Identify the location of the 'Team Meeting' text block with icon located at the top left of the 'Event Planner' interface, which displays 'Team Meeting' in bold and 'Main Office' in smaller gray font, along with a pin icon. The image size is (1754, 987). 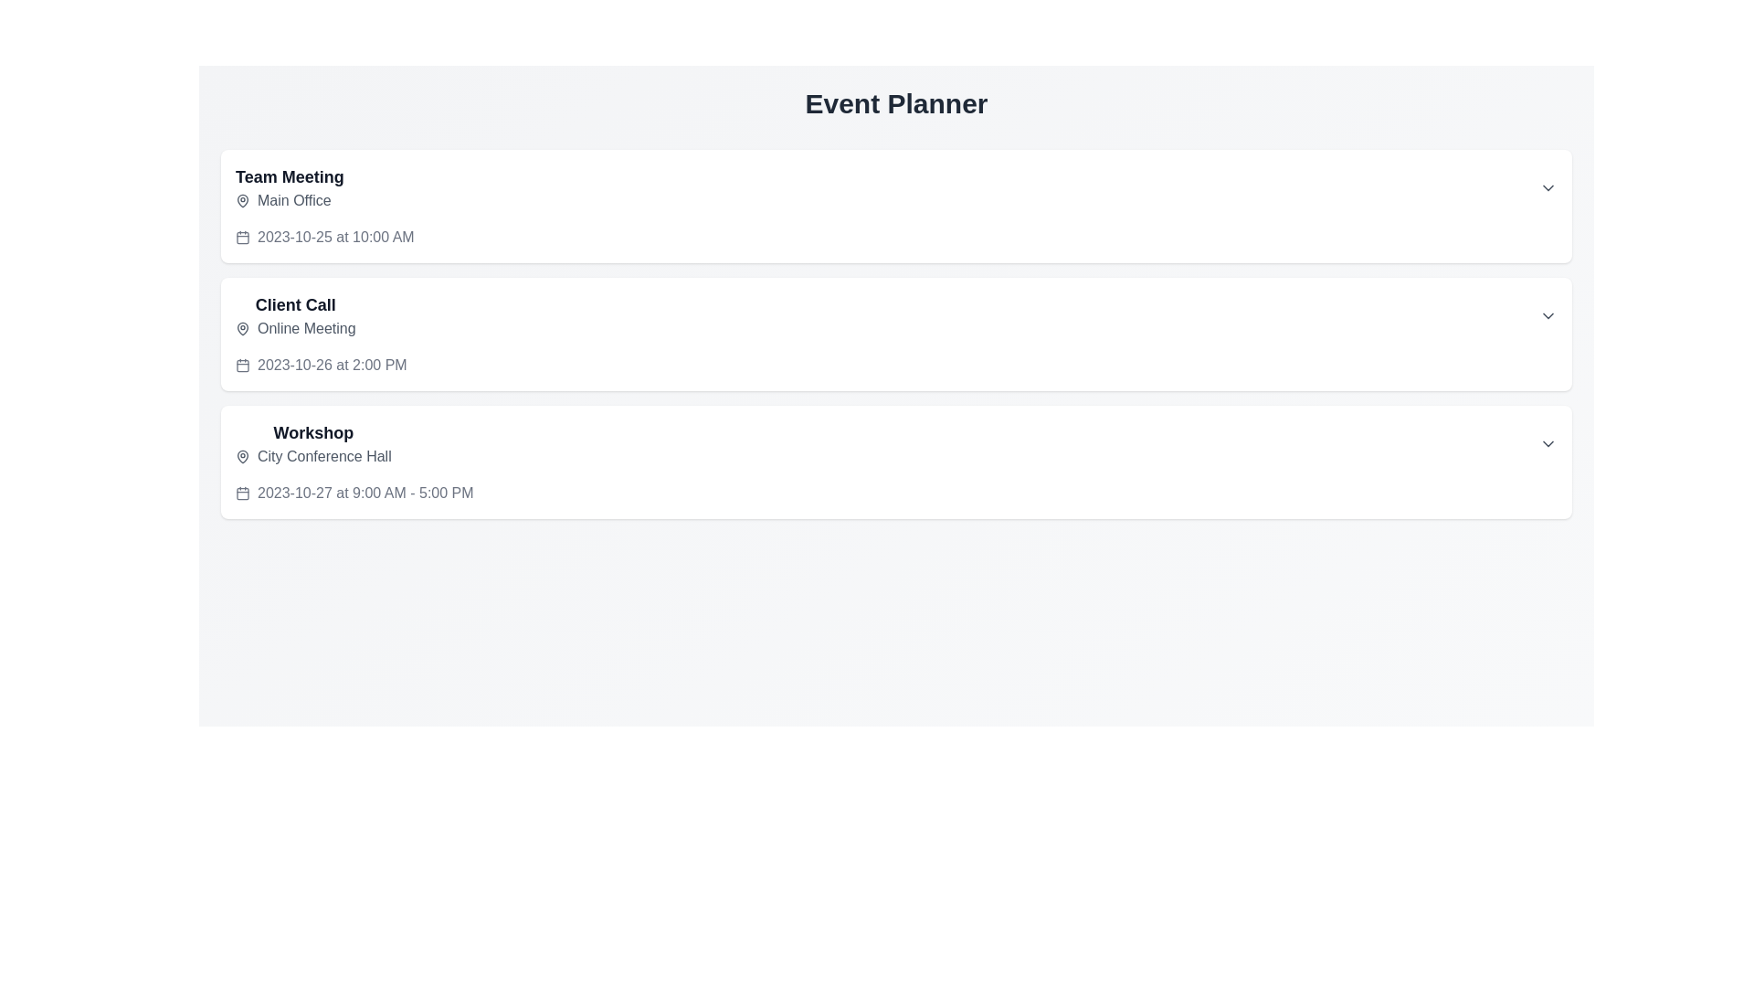
(289, 187).